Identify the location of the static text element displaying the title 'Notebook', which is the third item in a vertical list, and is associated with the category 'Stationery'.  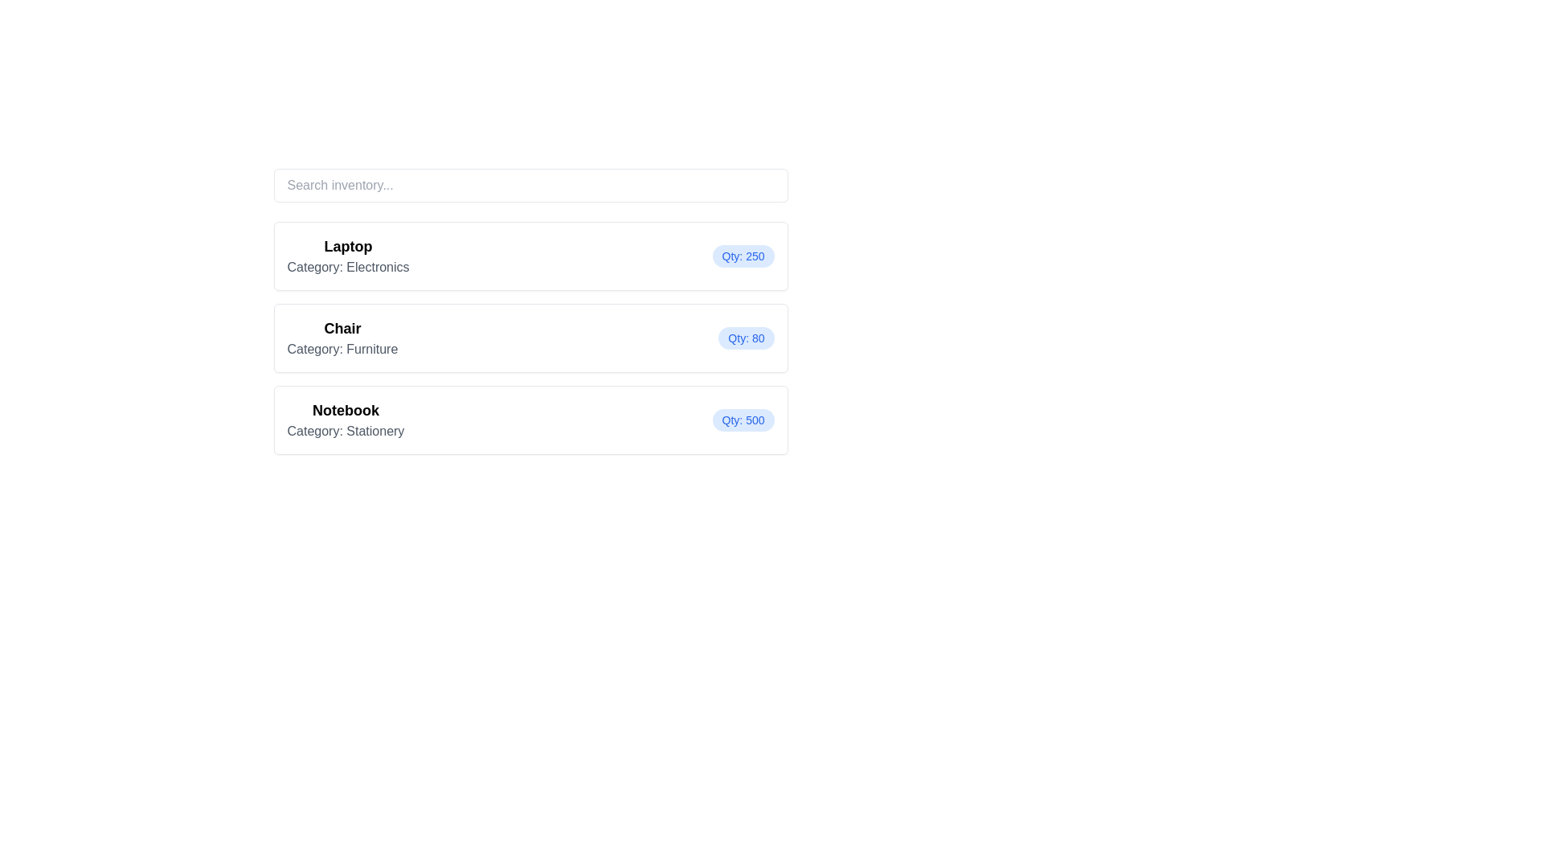
(345, 409).